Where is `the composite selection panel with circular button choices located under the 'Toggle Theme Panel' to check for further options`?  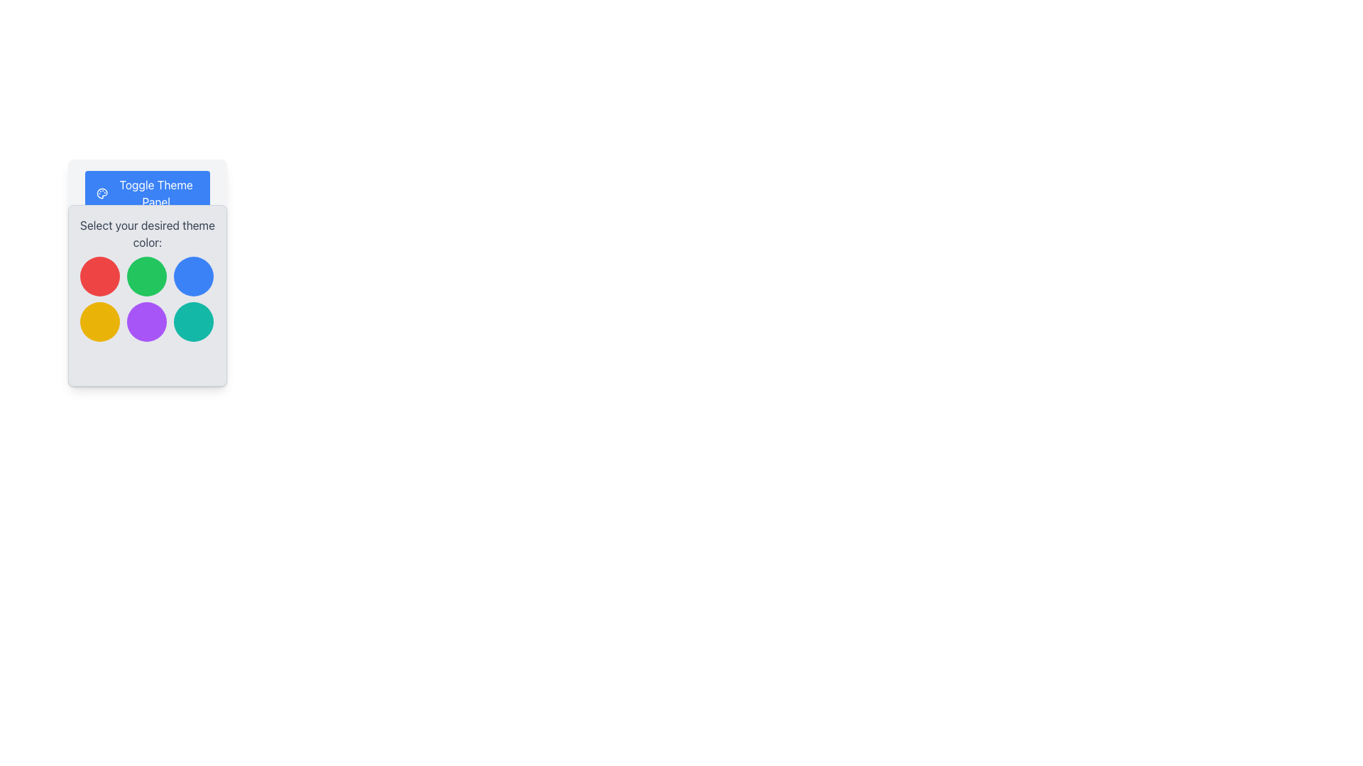
the composite selection panel with circular button choices located under the 'Toggle Theme Panel' to check for further options is located at coordinates (147, 294).